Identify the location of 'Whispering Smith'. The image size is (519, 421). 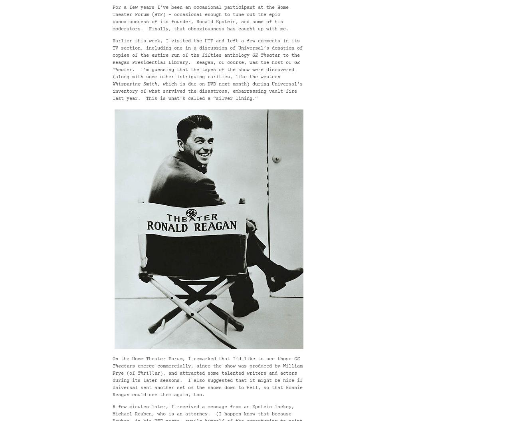
(135, 84).